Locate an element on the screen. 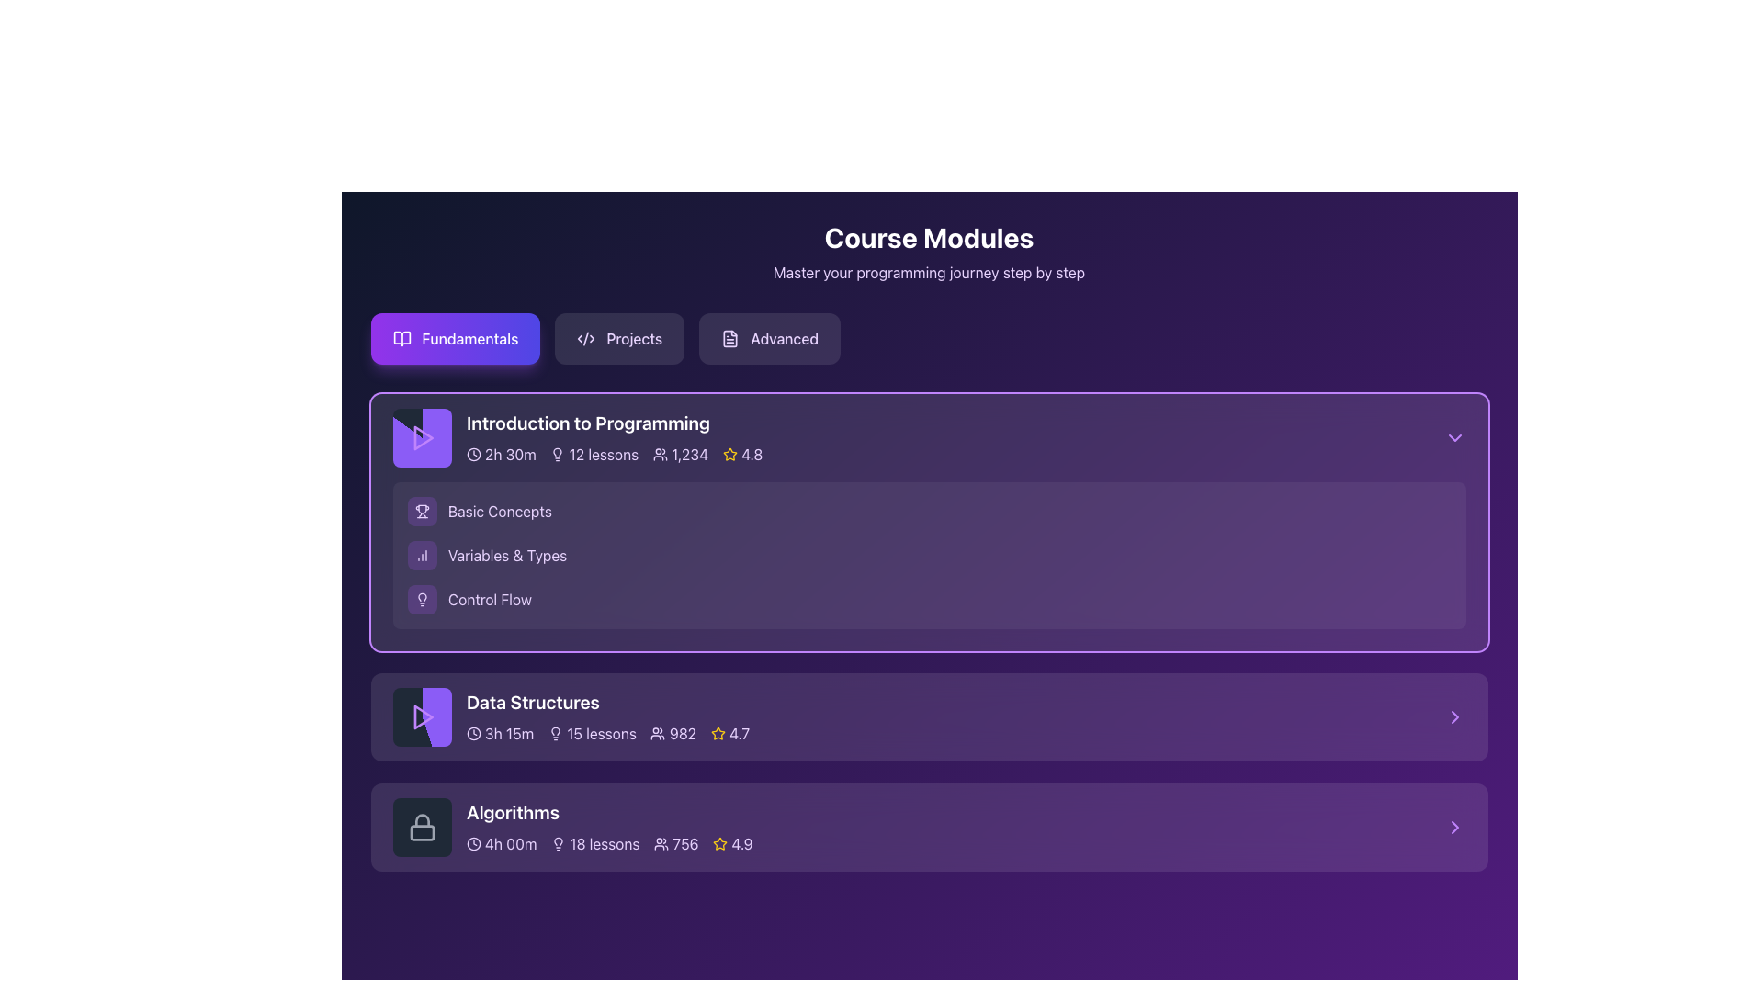  the Rating display element, which consists of a yellow star icon and the rating value of 4.8 in purple text, located on the far right of the 'Introduction to Programming' section is located at coordinates (742, 454).